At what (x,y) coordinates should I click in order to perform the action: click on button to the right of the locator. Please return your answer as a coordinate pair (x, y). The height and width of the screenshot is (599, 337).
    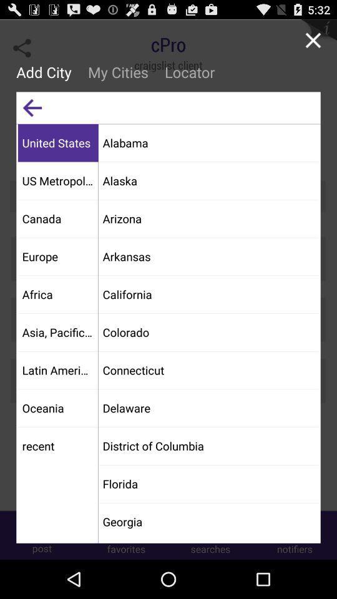
    Looking at the image, I should click on (312, 40).